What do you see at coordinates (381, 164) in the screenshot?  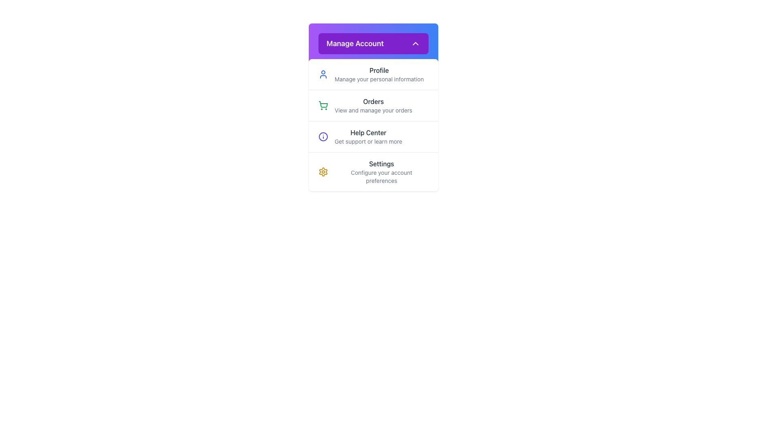 I see `the static text label that serves as a descriptive heading for the settings section in the dropdown menu under 'Manage Account'` at bounding box center [381, 164].